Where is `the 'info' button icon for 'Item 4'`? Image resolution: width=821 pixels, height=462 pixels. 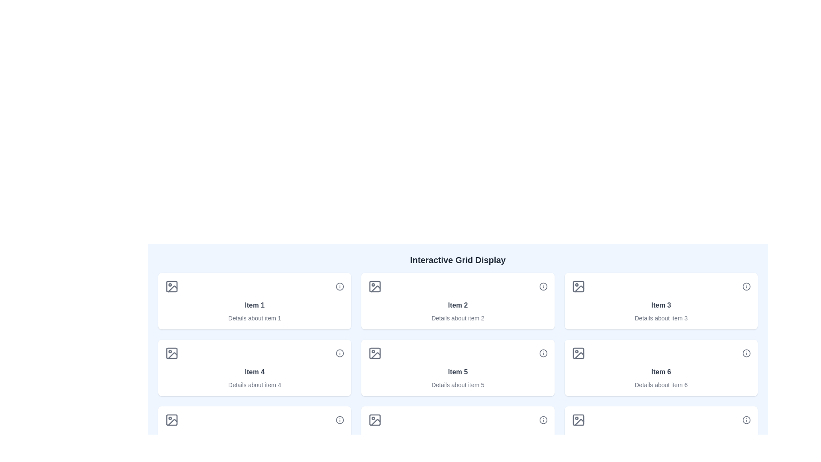 the 'info' button icon for 'Item 4' is located at coordinates (340, 353).